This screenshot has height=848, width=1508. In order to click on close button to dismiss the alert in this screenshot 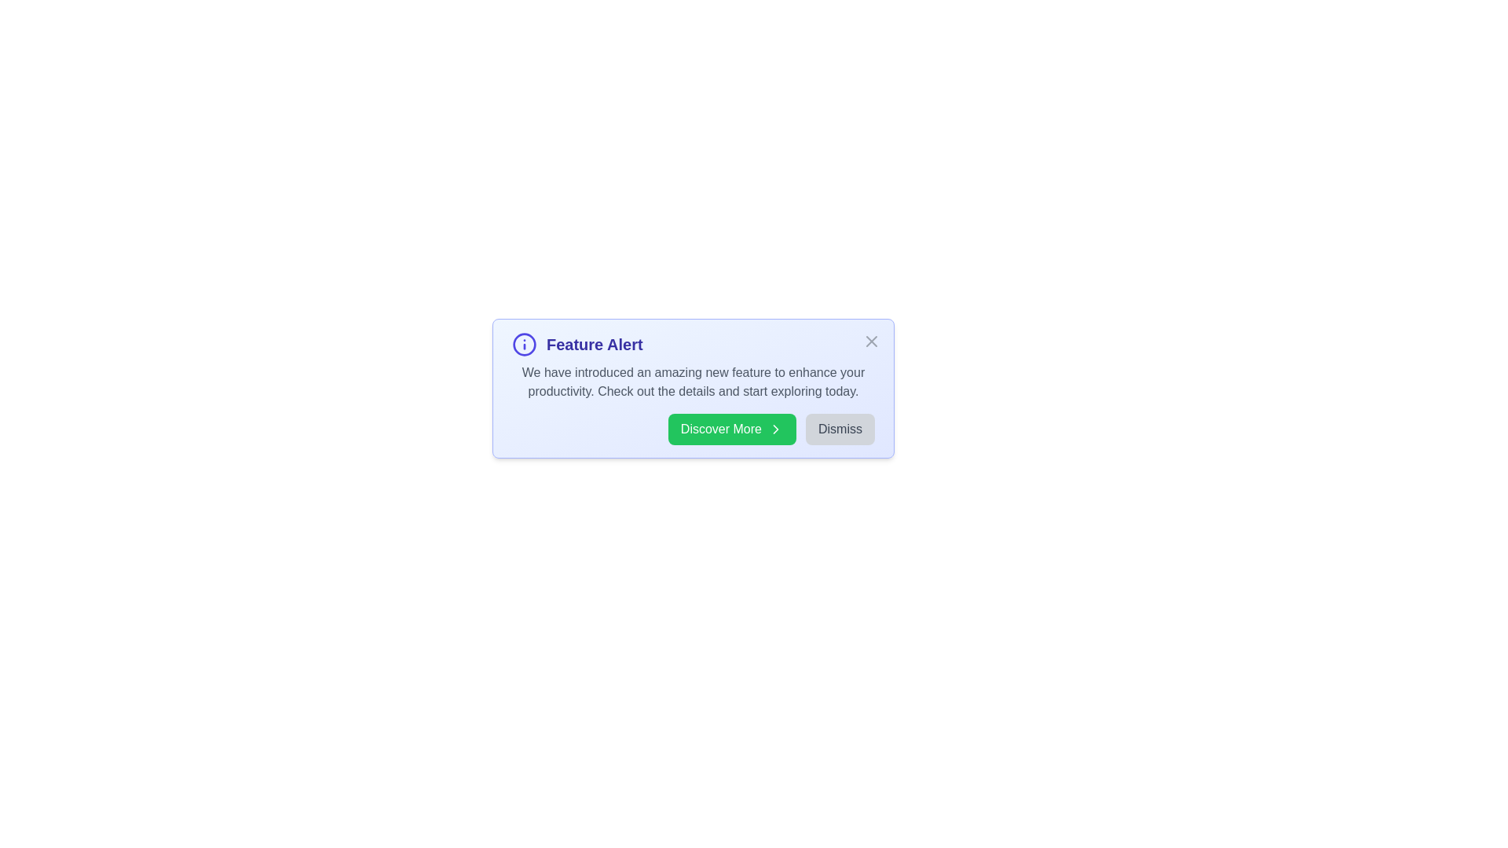, I will do `click(870, 341)`.